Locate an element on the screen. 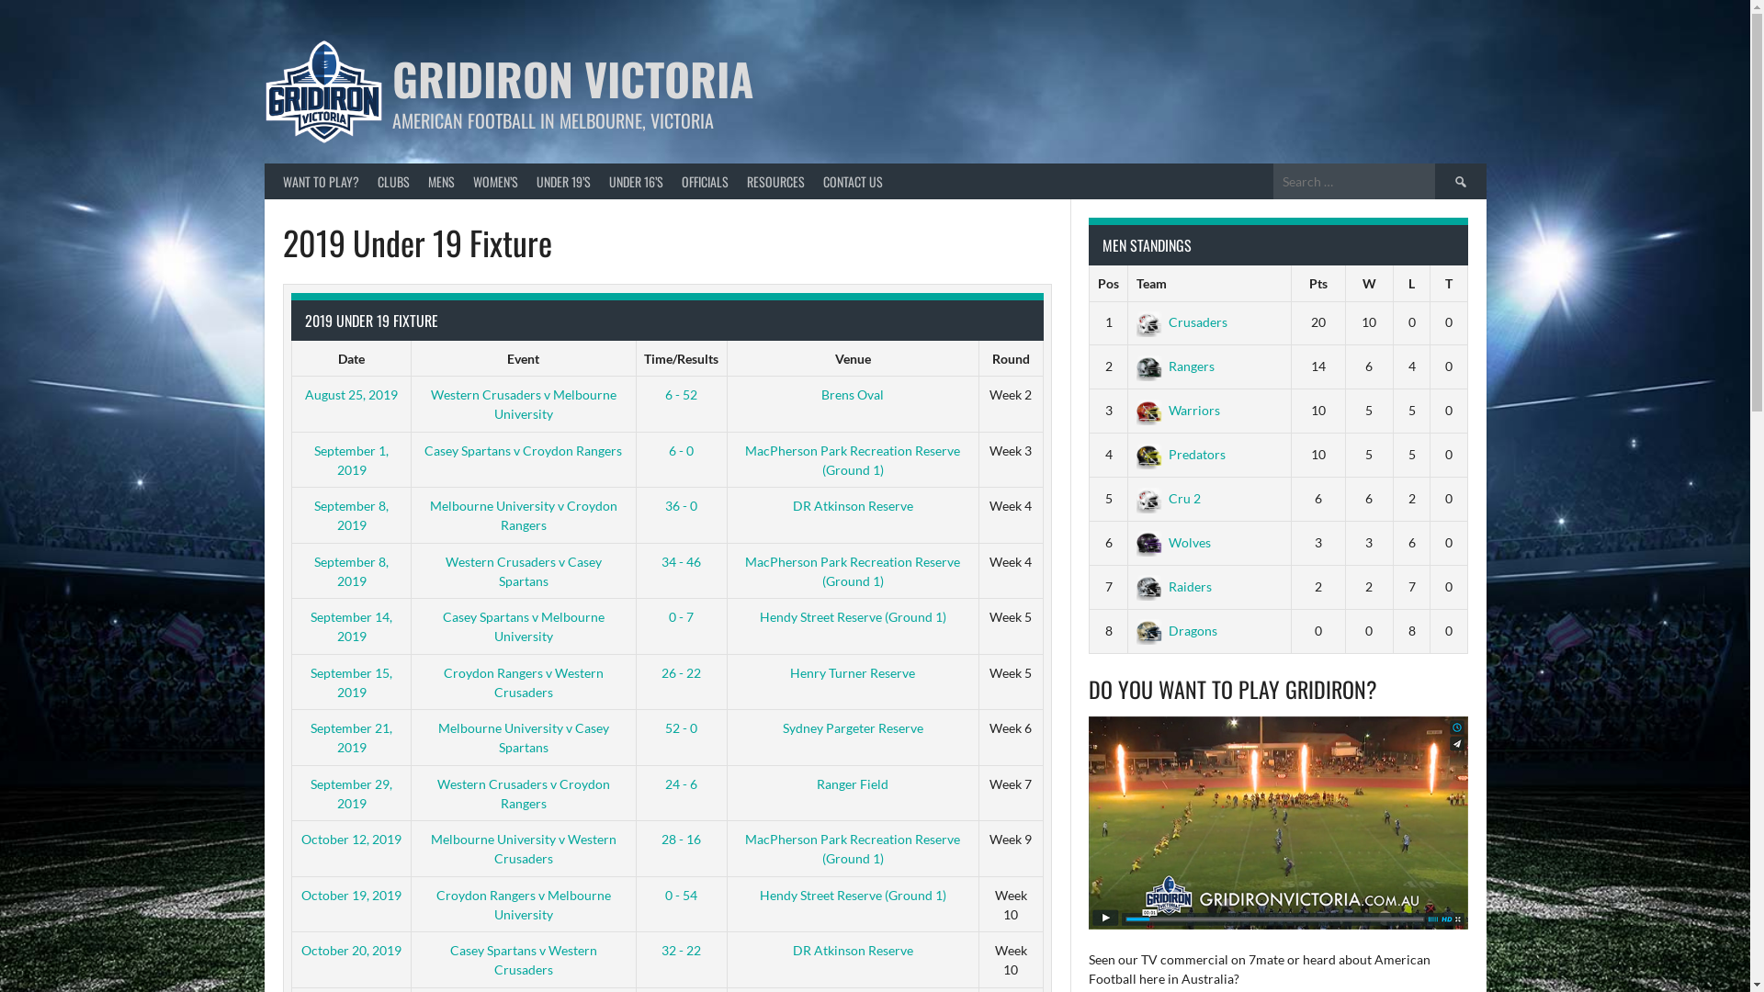 The width and height of the screenshot is (1764, 992). 'Warriors' is located at coordinates (1178, 409).